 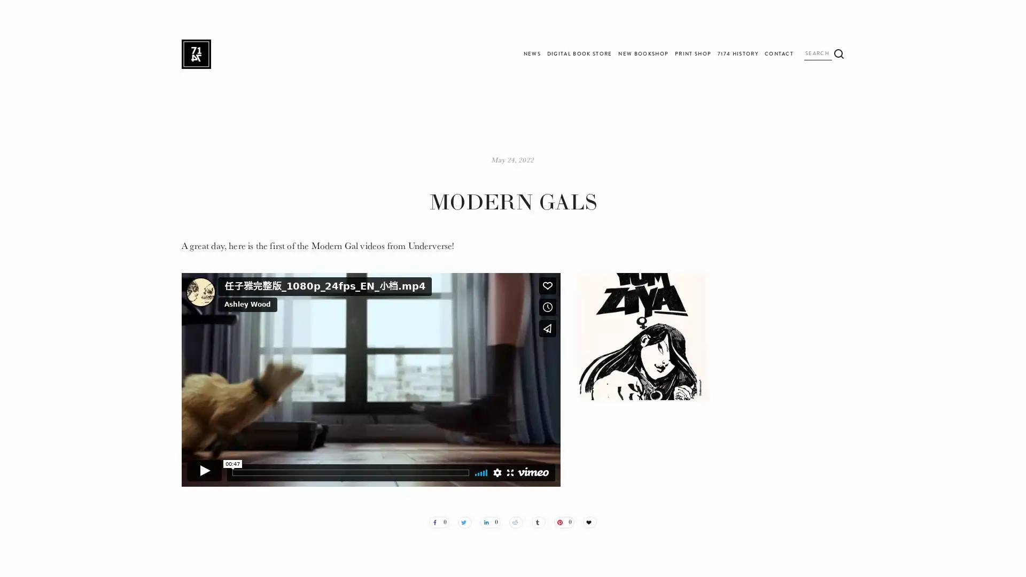 I want to click on Close, so click(x=665, y=198).